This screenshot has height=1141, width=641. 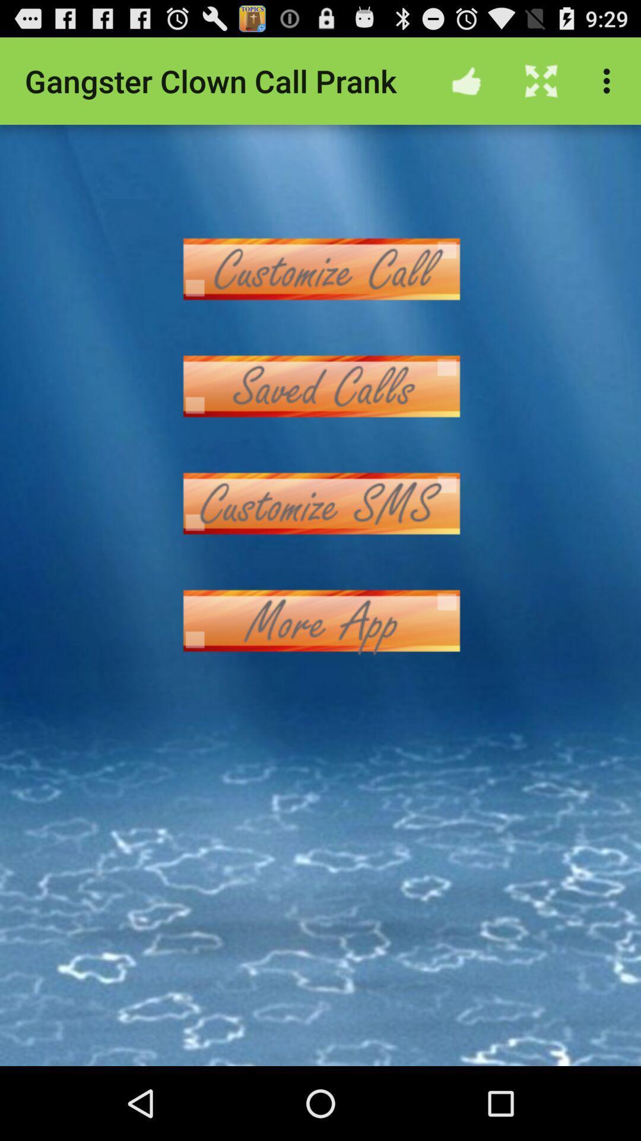 What do you see at coordinates (320, 386) in the screenshot?
I see `see saved calls` at bounding box center [320, 386].